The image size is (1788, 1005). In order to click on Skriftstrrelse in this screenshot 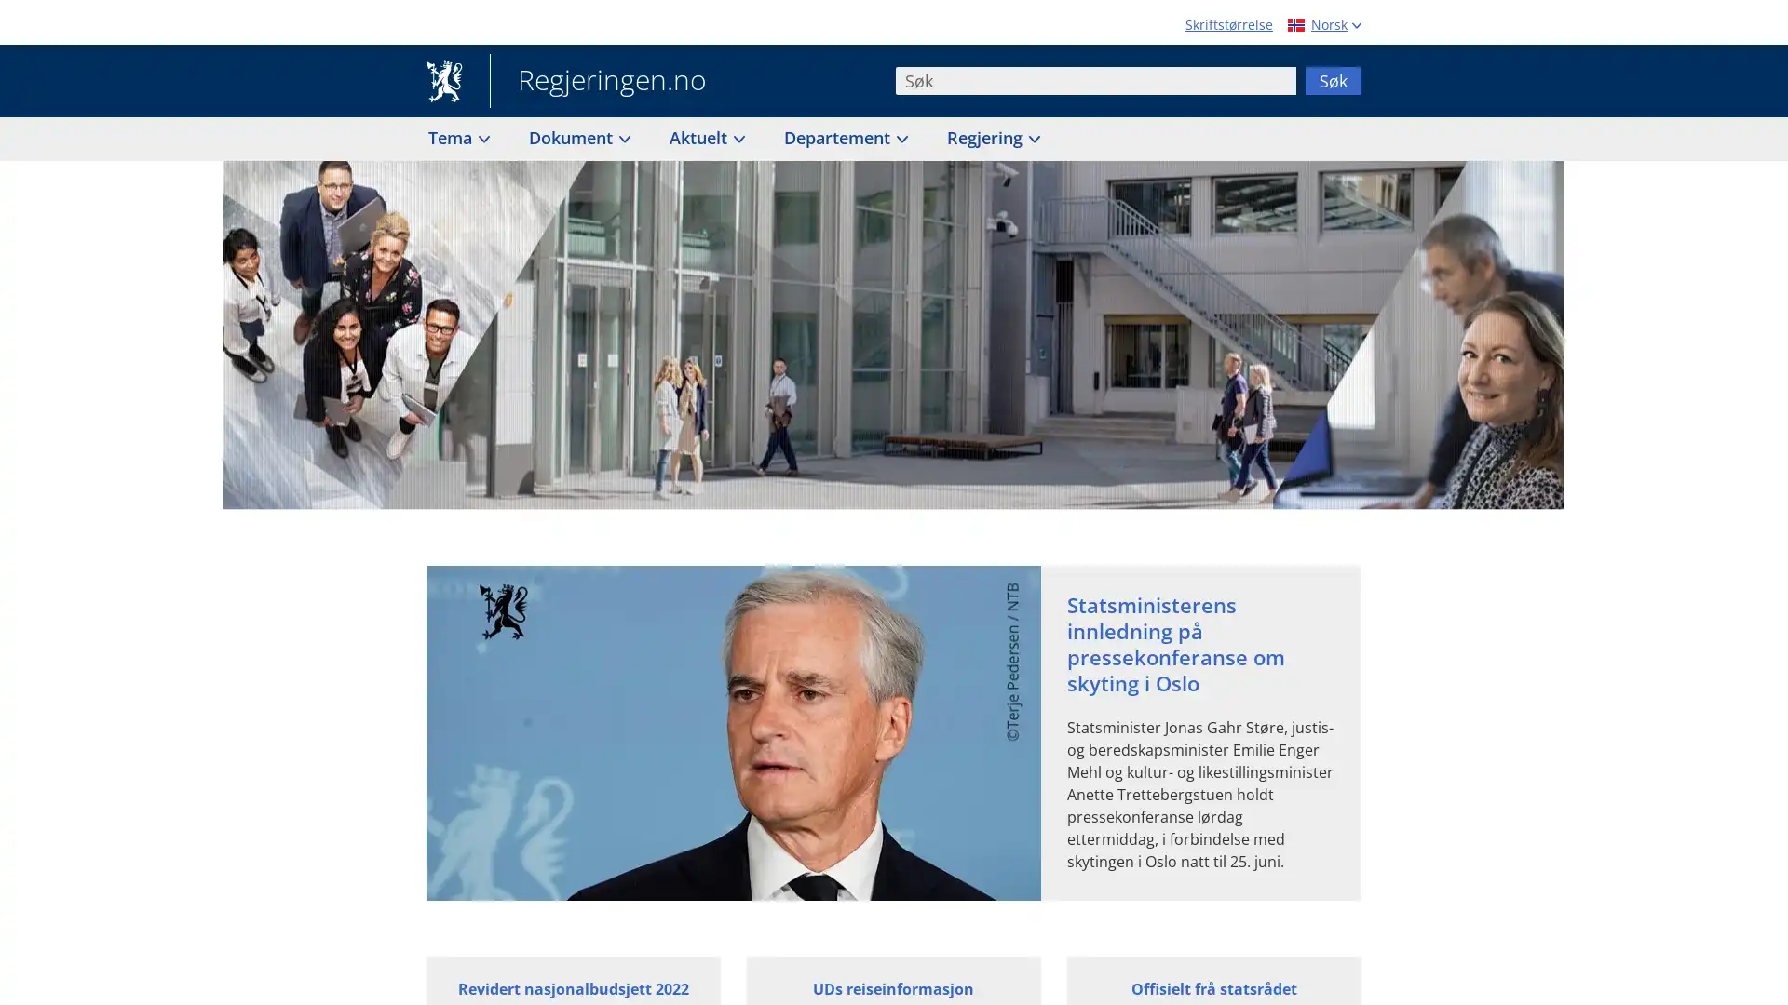, I will do `click(1229, 24)`.